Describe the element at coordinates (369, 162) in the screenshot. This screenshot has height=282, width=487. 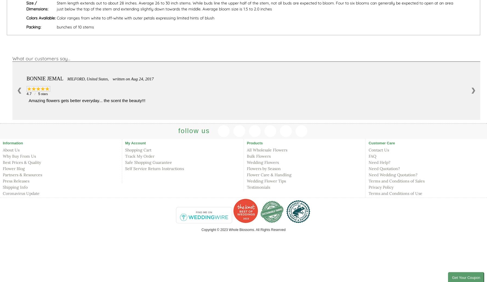
I see `'Need Help?'` at that location.